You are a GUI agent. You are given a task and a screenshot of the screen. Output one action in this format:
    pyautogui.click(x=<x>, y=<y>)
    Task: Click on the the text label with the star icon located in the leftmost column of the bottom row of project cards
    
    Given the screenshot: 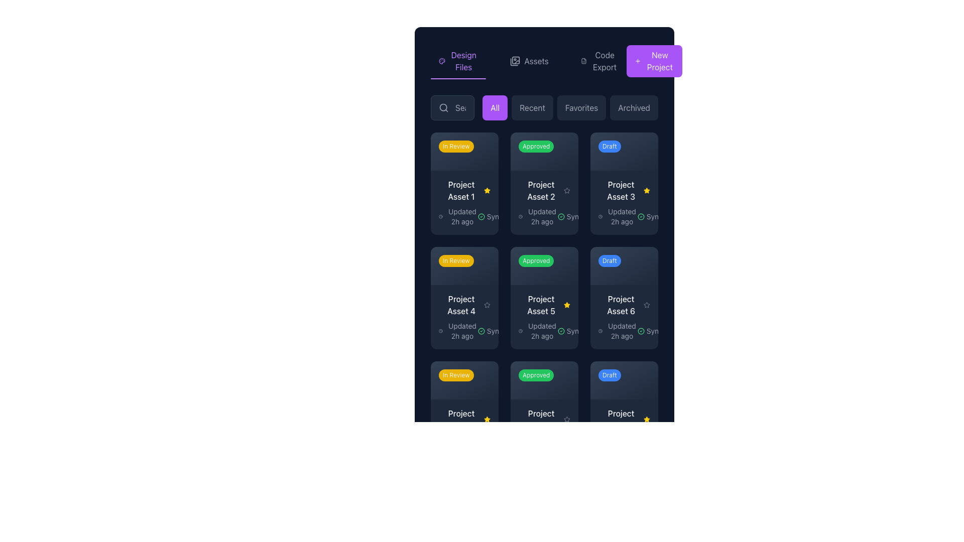 What is the action you would take?
    pyautogui.click(x=464, y=419)
    